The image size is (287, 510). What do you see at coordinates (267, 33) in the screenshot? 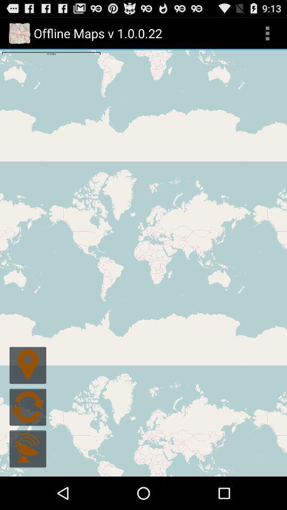
I see `the icon next to offline maps v icon` at bounding box center [267, 33].